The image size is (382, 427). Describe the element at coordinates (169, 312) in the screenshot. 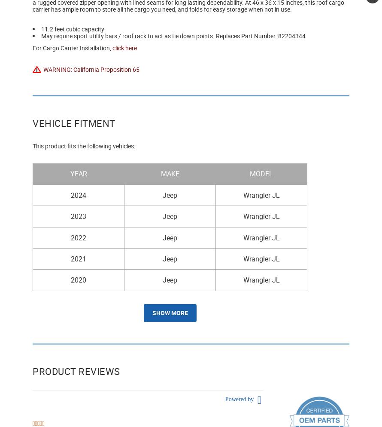

I see `'Show More'` at that location.